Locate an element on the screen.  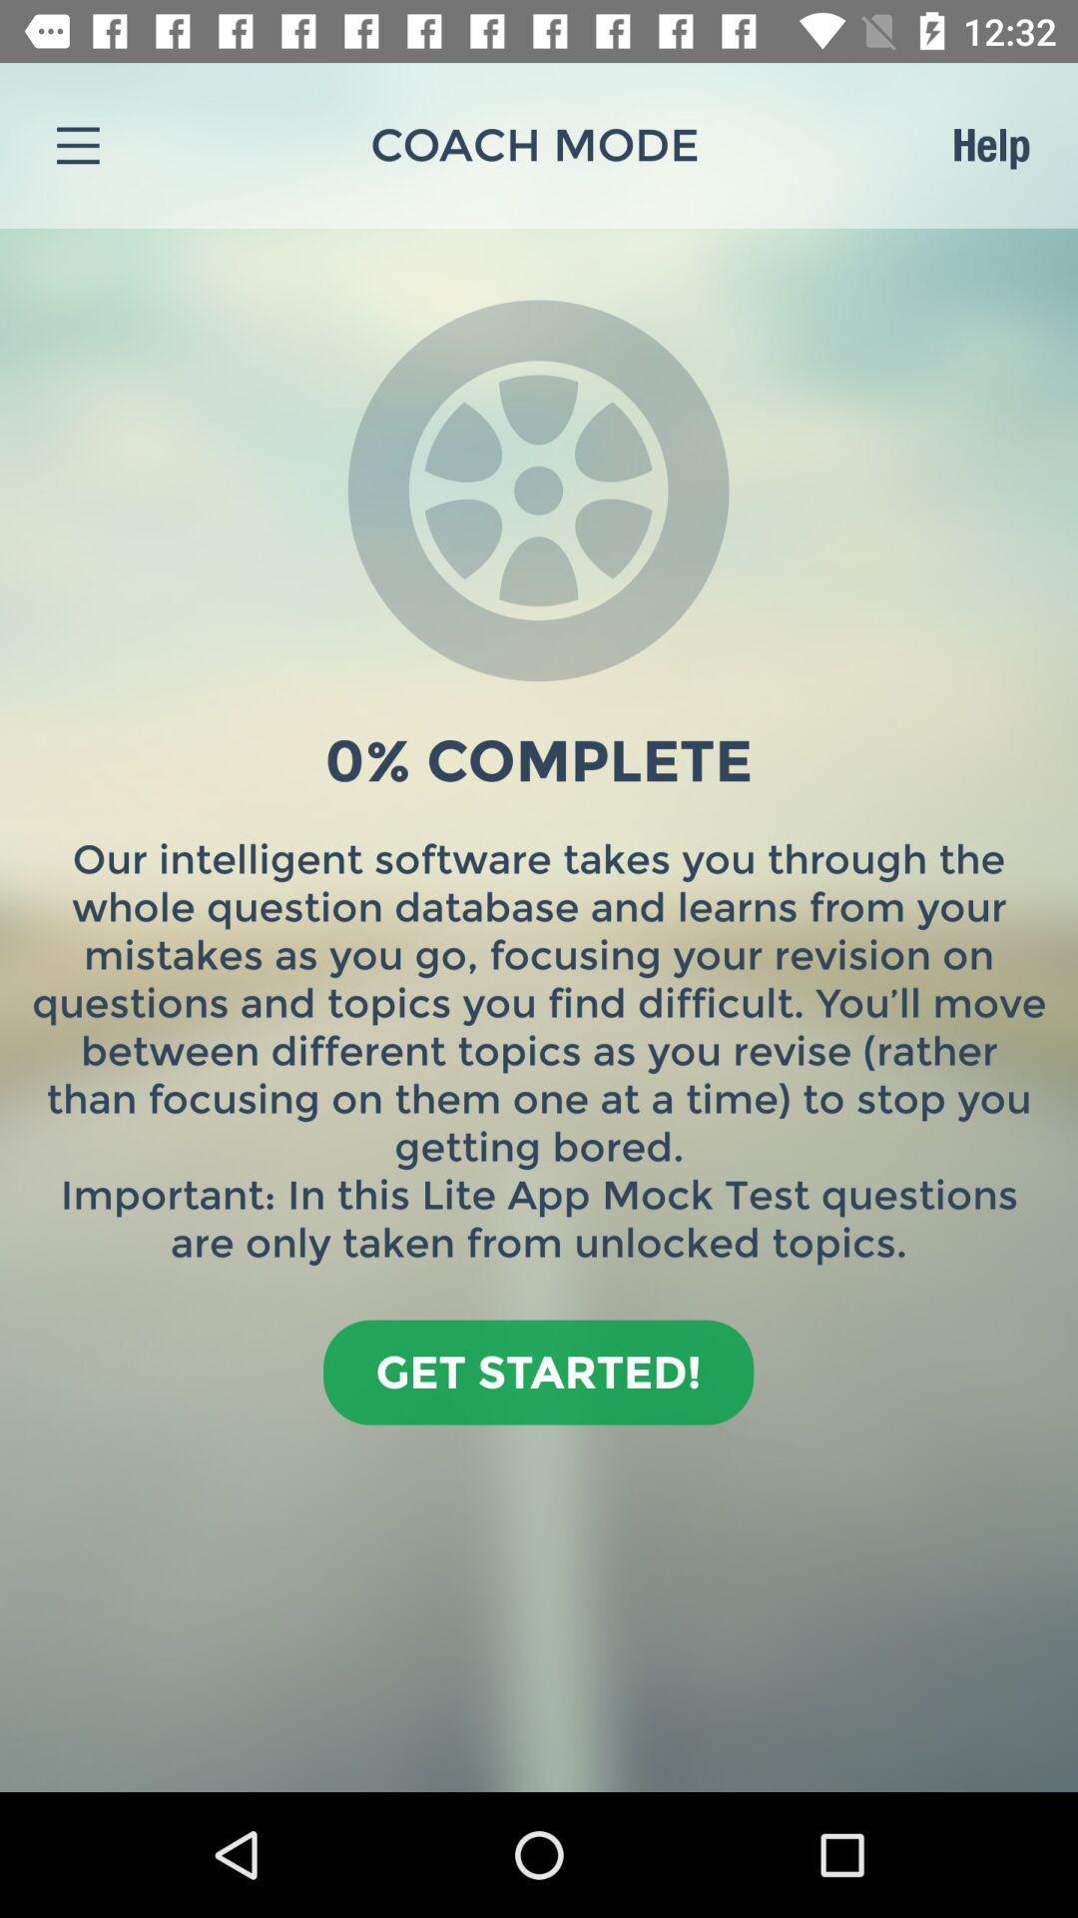
get started! item is located at coordinates (537, 1371).